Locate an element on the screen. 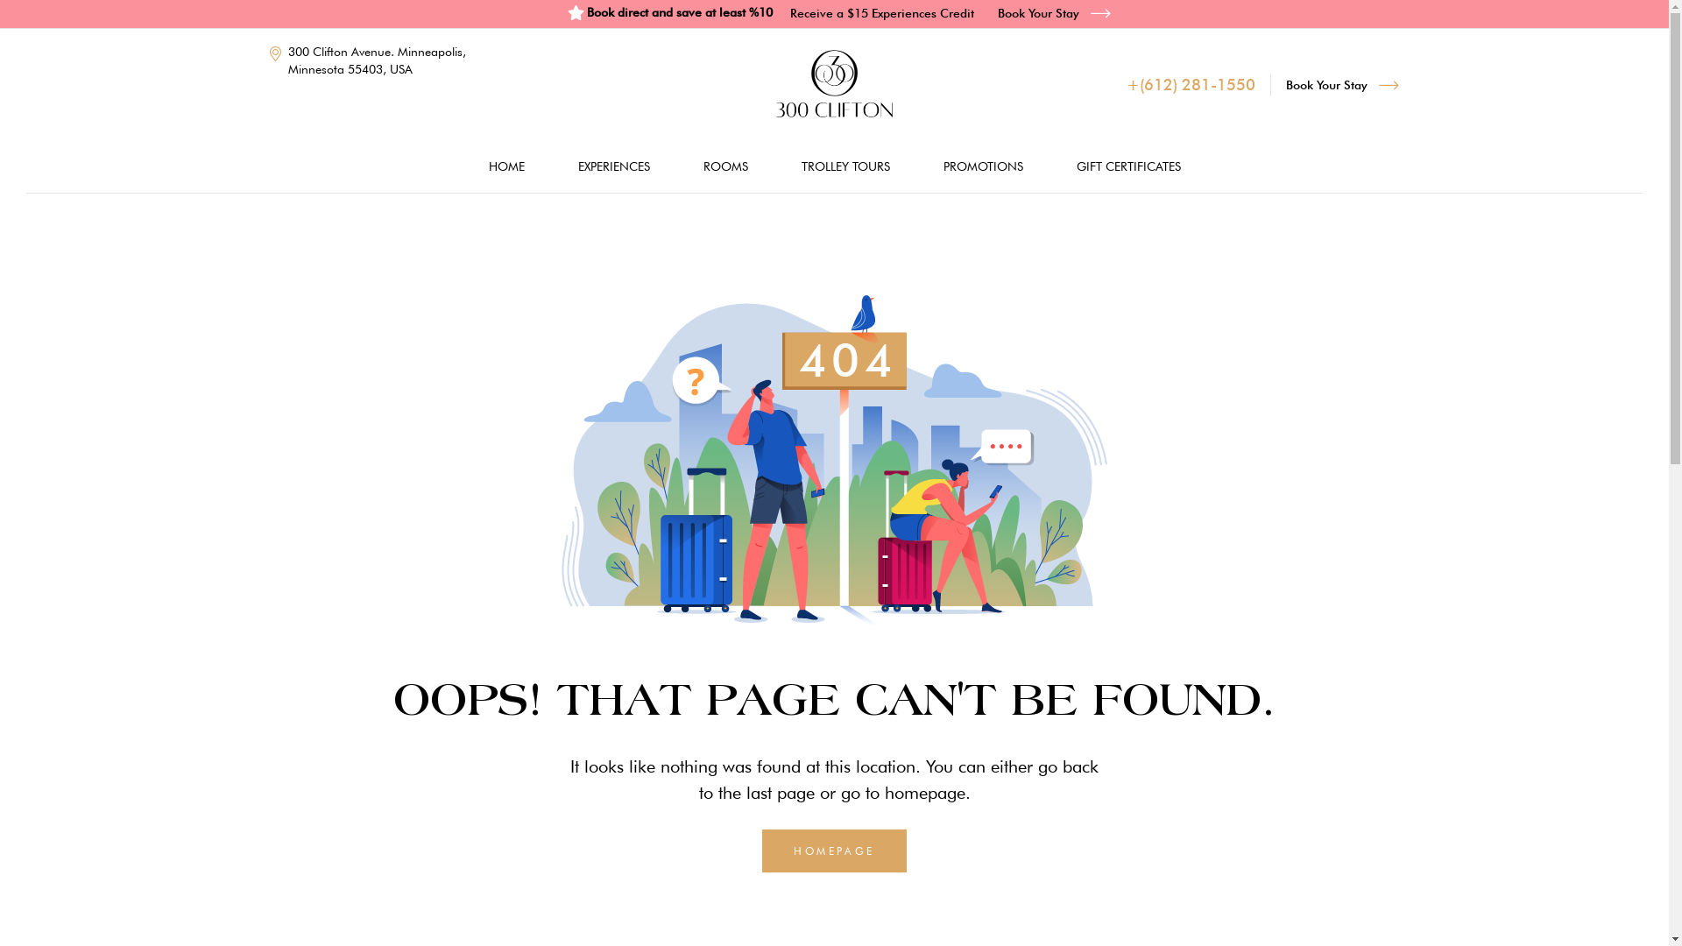 The height and width of the screenshot is (946, 1682). '300 Clifton Avenue. Minneapolis, Minnesota 55403, USA' is located at coordinates (373, 60).